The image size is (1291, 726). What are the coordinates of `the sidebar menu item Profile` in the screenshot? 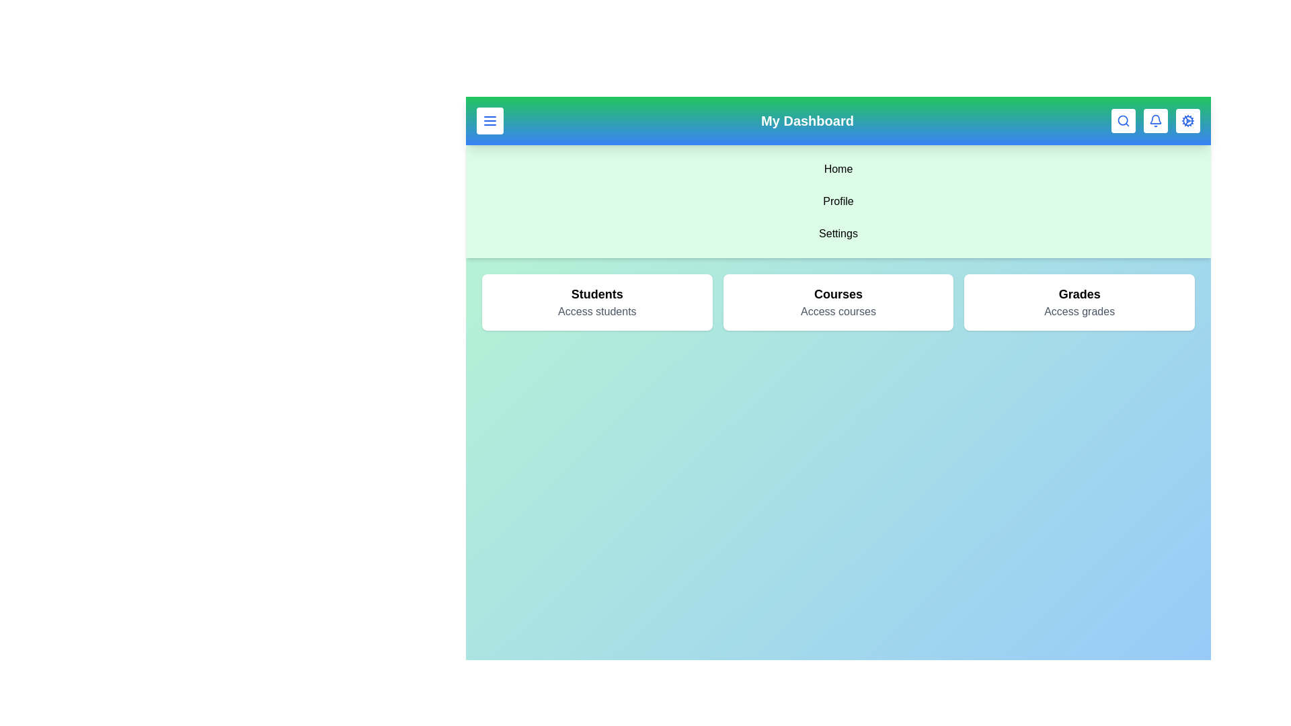 It's located at (838, 202).